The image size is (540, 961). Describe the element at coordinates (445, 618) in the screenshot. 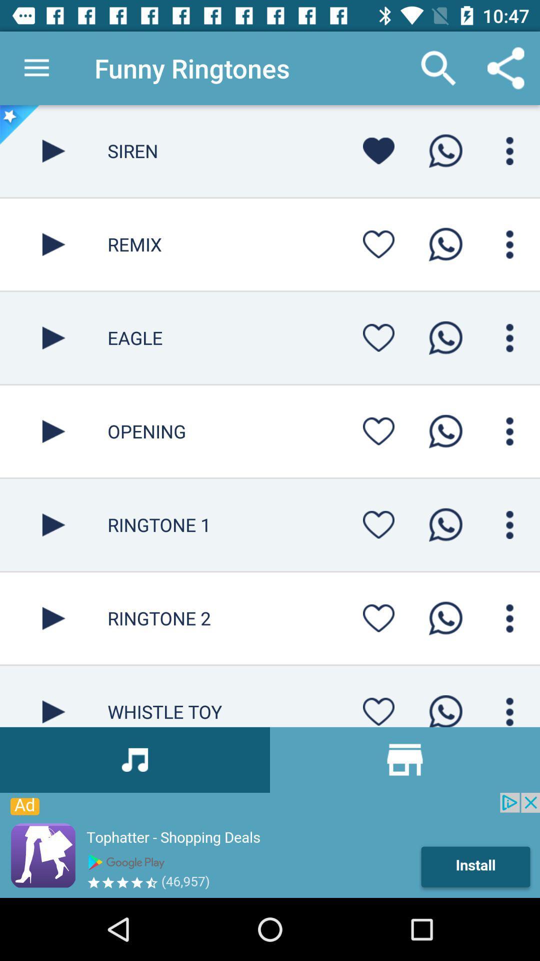

I see `share the ringtone through whats app` at that location.